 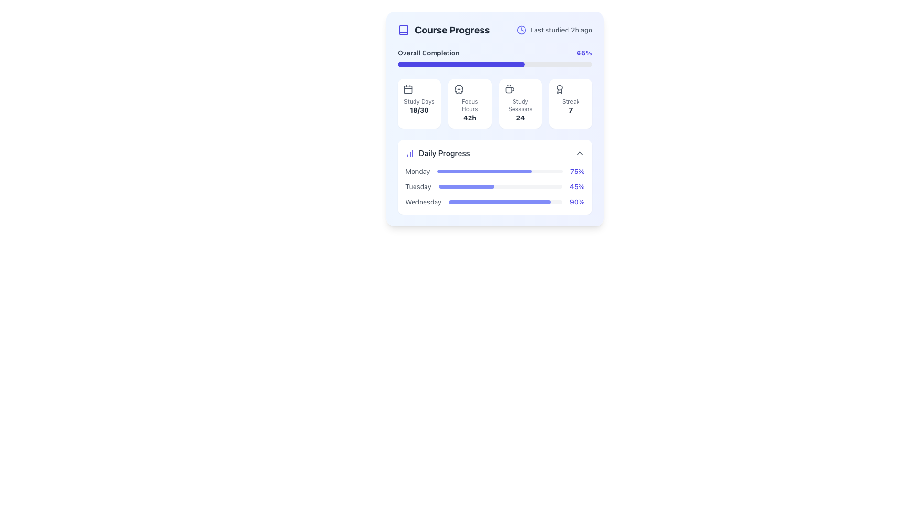 What do you see at coordinates (419, 103) in the screenshot?
I see `the first informational card in the 'Course Progress' section that summarizes study days completed relative to the goal` at bounding box center [419, 103].